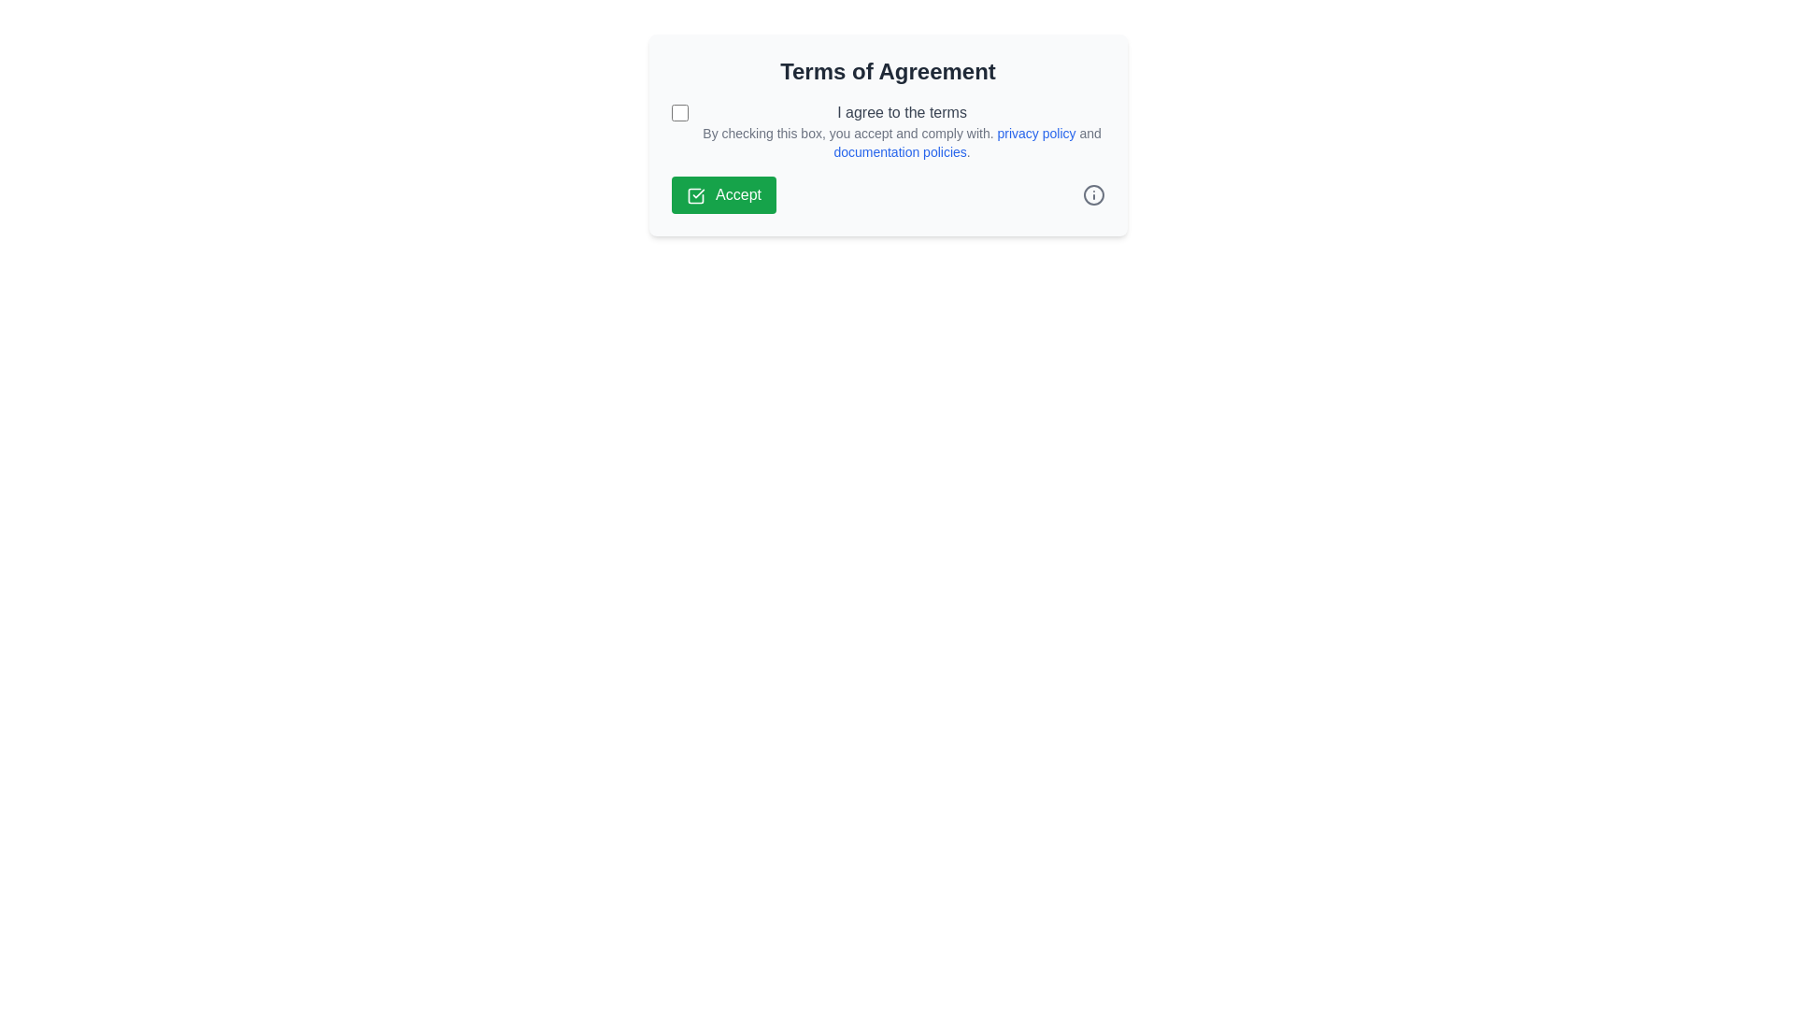 This screenshot has width=1794, height=1009. What do you see at coordinates (902, 112) in the screenshot?
I see `the text label stating 'I agree to the terms' located in the 'Terms of Agreement' section, which is positioned directly to the right of a checkbox` at bounding box center [902, 112].